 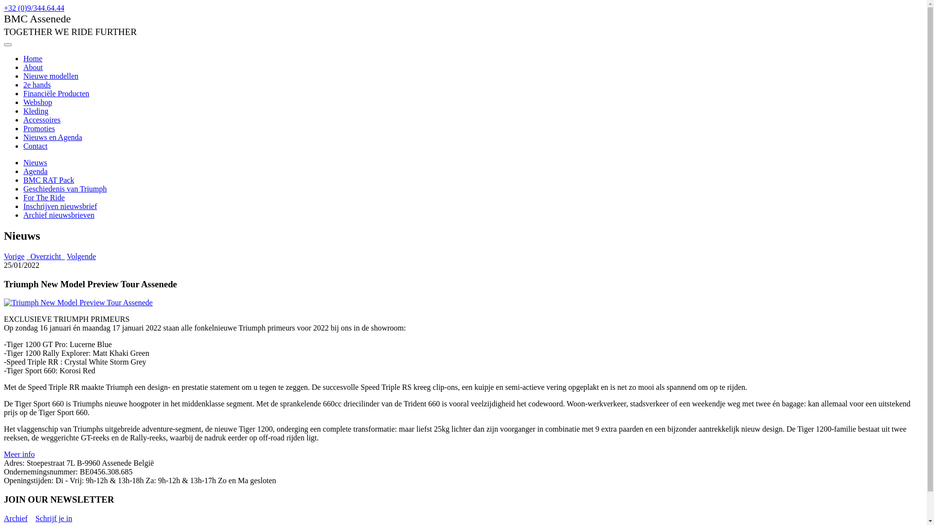 What do you see at coordinates (53, 518) in the screenshot?
I see `'Schrijf je in'` at bounding box center [53, 518].